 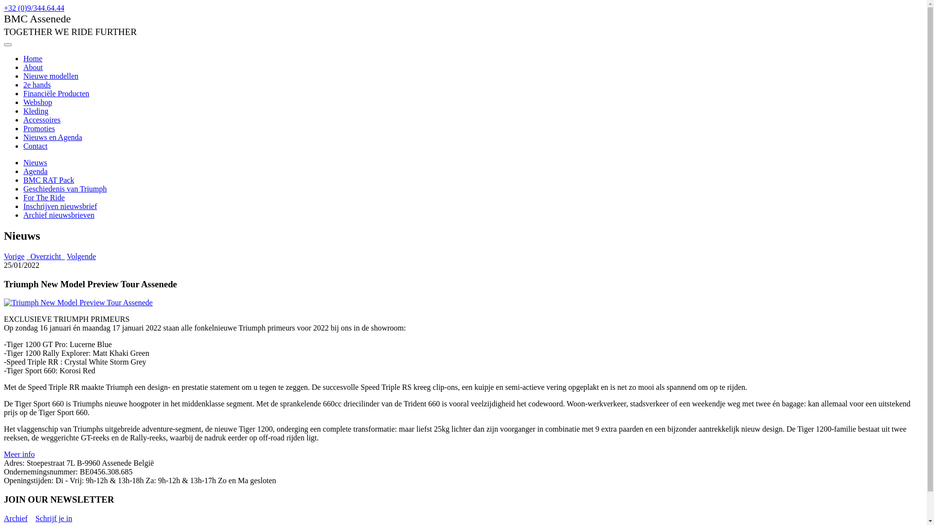 What do you see at coordinates (53, 518) in the screenshot?
I see `'Schrijf je in'` at bounding box center [53, 518].